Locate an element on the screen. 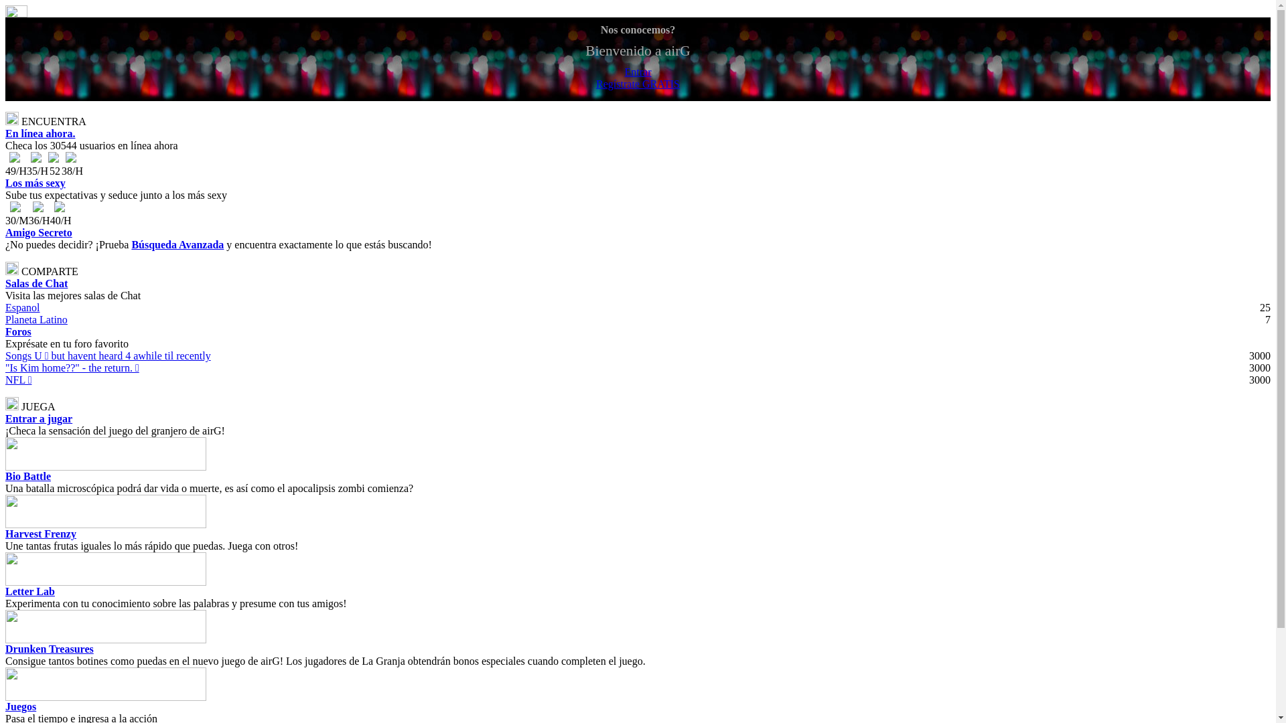 The image size is (1286, 723). 'Entrar' is located at coordinates (637, 72).